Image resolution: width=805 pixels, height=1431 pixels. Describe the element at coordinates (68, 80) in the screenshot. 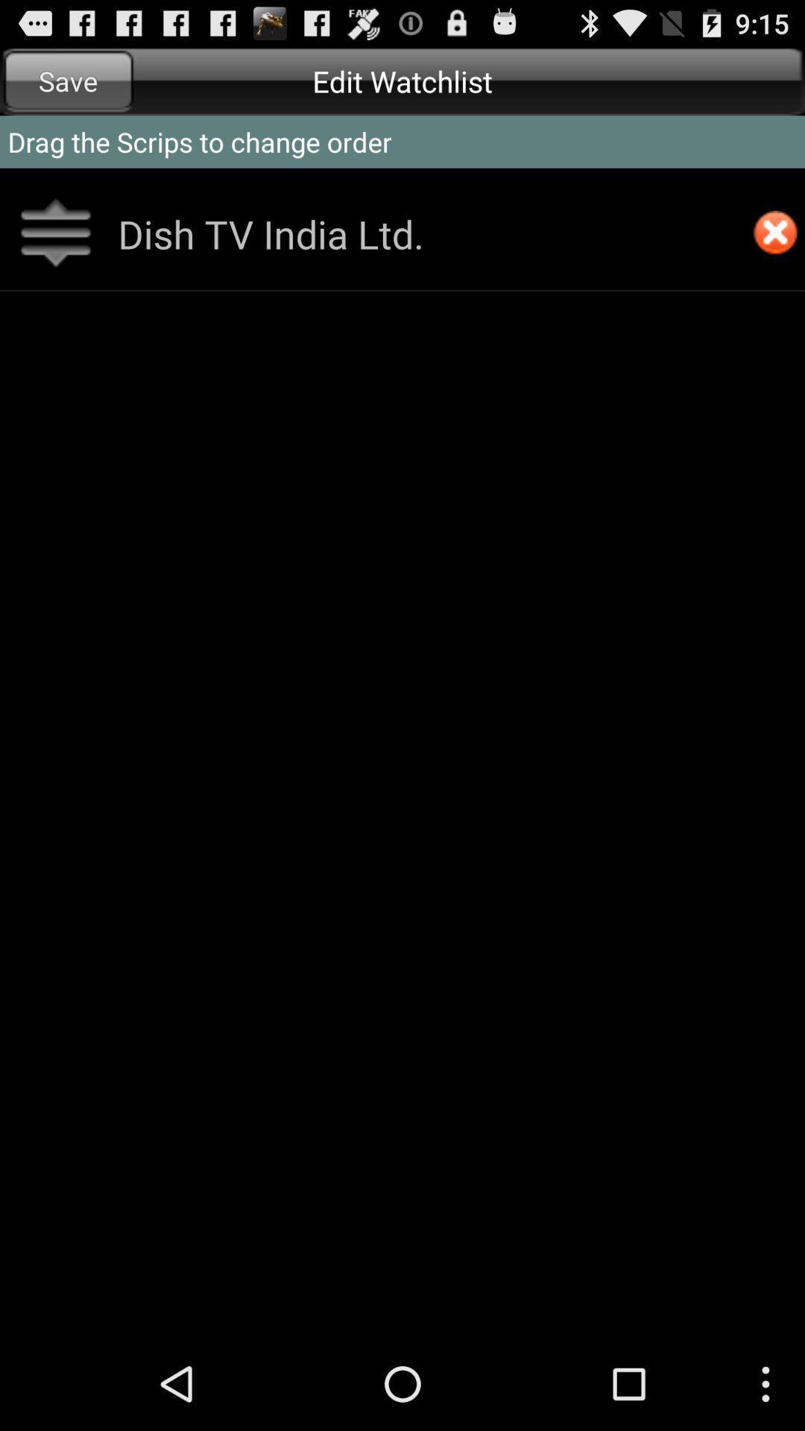

I see `save` at that location.